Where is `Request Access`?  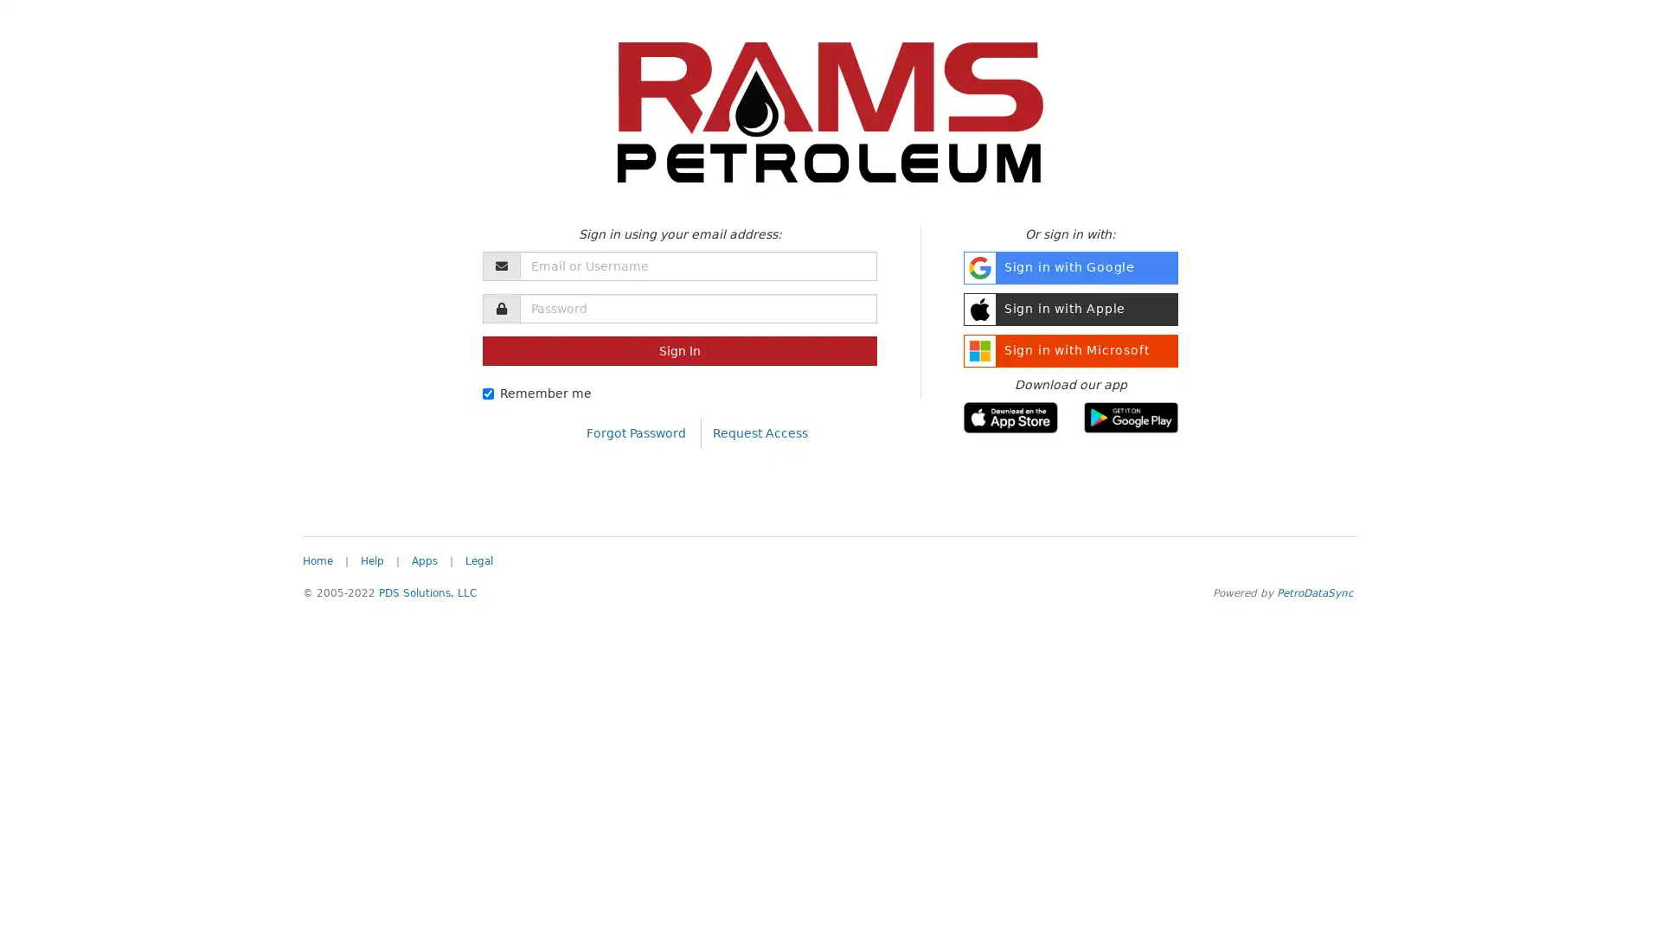
Request Access is located at coordinates (760, 432).